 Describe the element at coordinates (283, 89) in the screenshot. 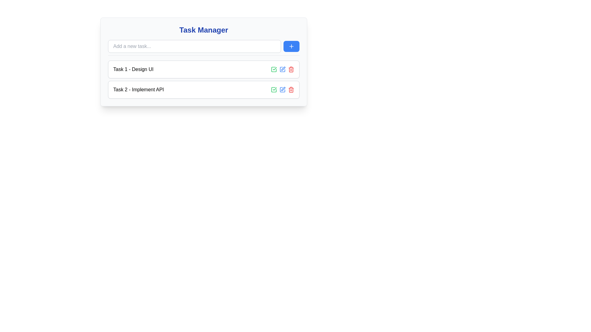

I see `the pencil-shaped icon representing the edit functionality located in the third column of the second row of items in the task list` at that location.